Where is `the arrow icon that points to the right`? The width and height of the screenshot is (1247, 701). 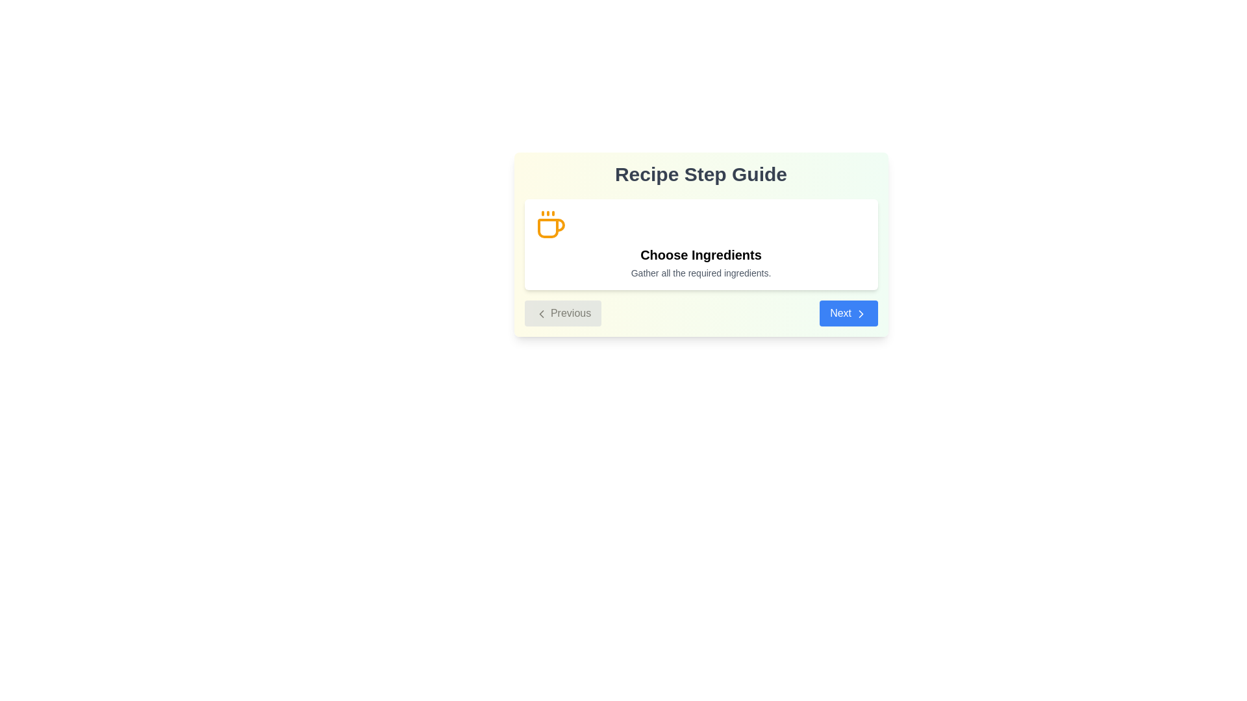
the arrow icon that points to the right is located at coordinates (861, 314).